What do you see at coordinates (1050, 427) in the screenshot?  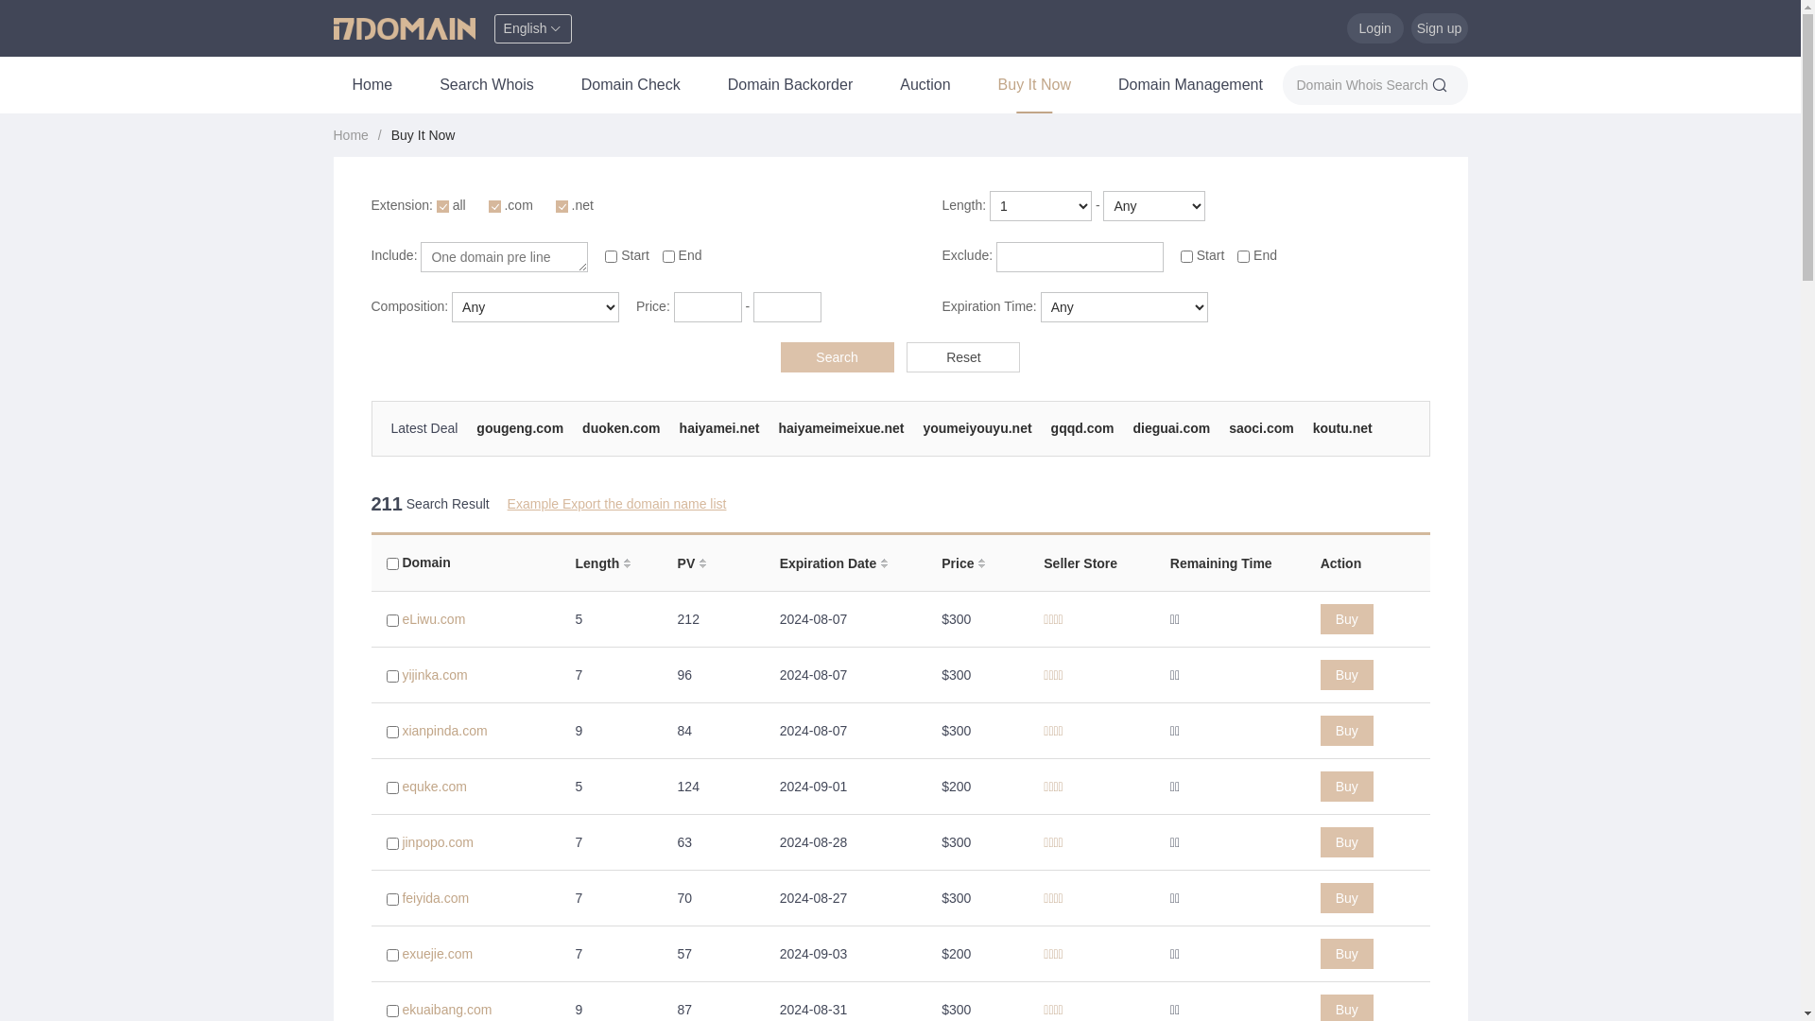 I see `'gqqd.com'` at bounding box center [1050, 427].